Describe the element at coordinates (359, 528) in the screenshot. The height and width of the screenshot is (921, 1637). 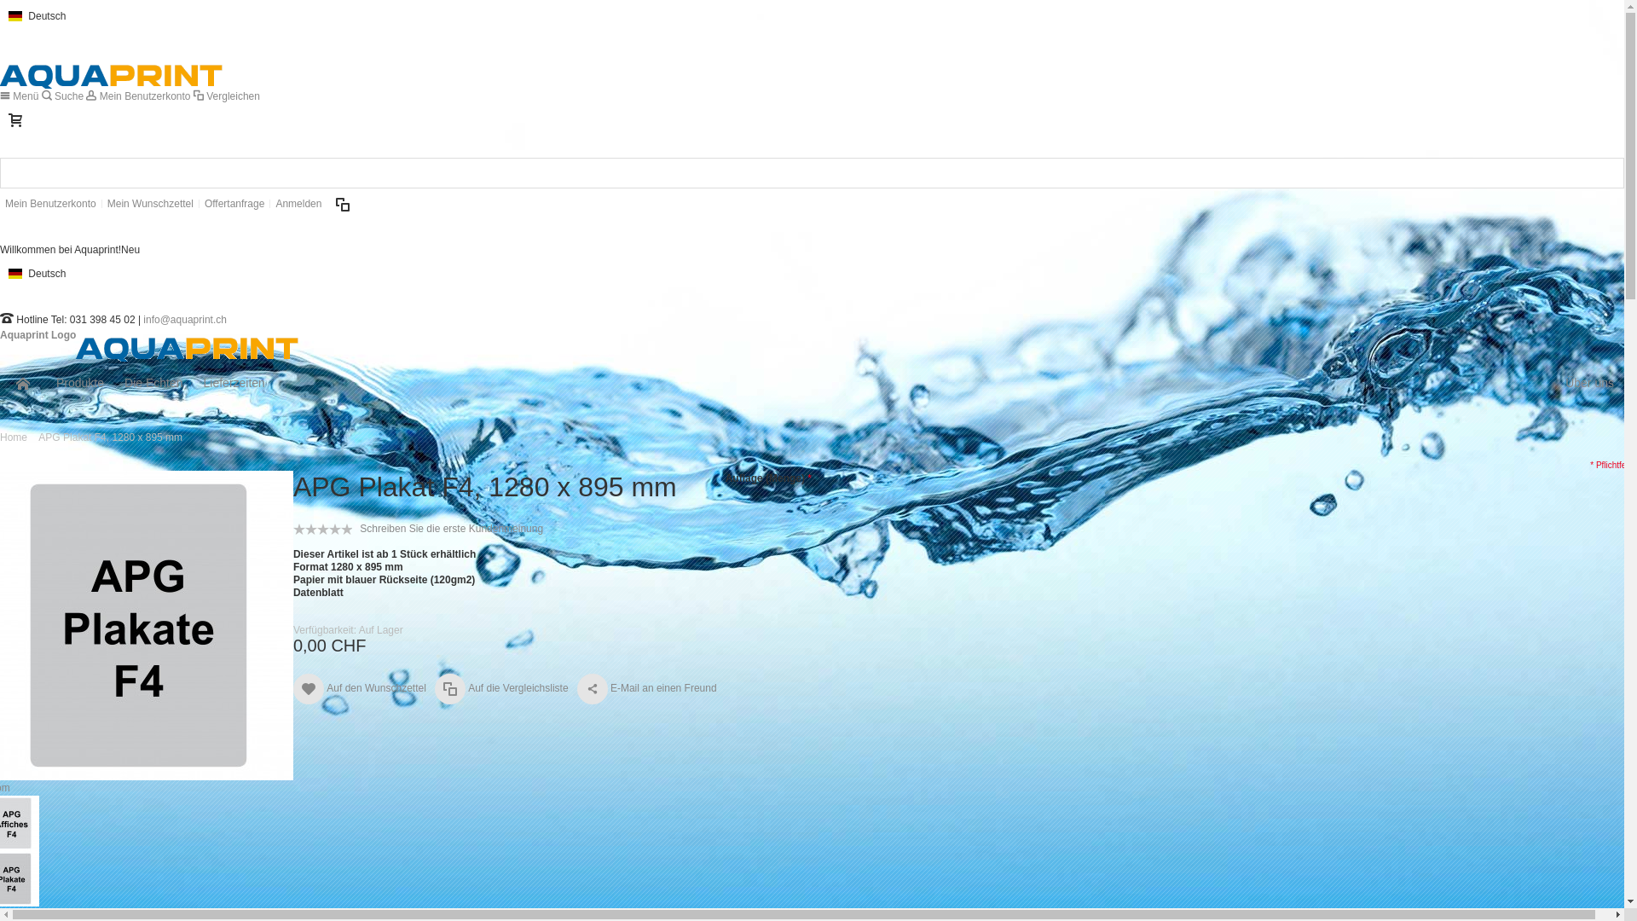
I see `'Schreiben Sie die erste Kundenmeinung'` at that location.